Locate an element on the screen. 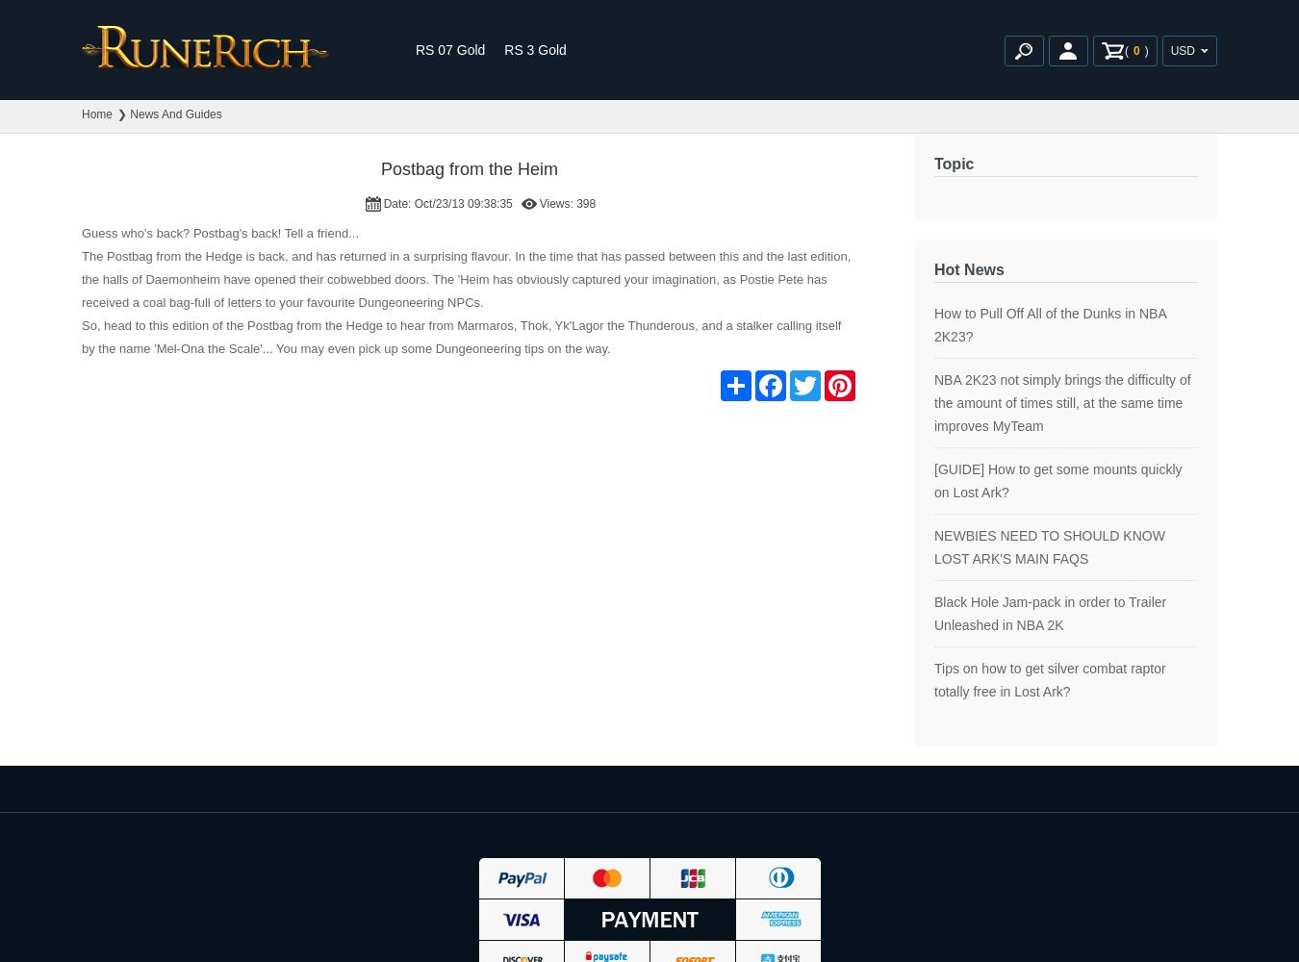 This screenshot has height=962, width=1299. 'Postbag from the Heim' is located at coordinates (468, 169).